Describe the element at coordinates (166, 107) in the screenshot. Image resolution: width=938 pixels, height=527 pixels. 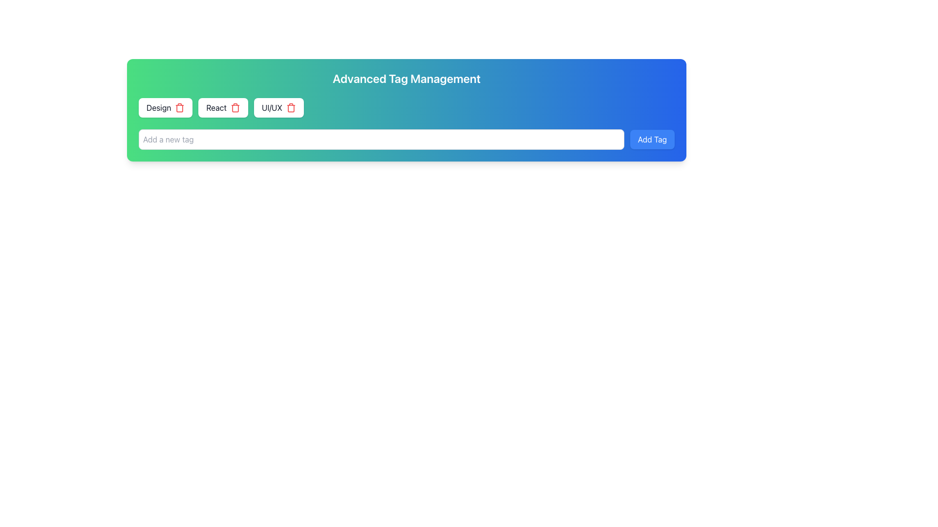
I see `the 'Design' button, which is the first button in a horizontal list of buttons` at that location.